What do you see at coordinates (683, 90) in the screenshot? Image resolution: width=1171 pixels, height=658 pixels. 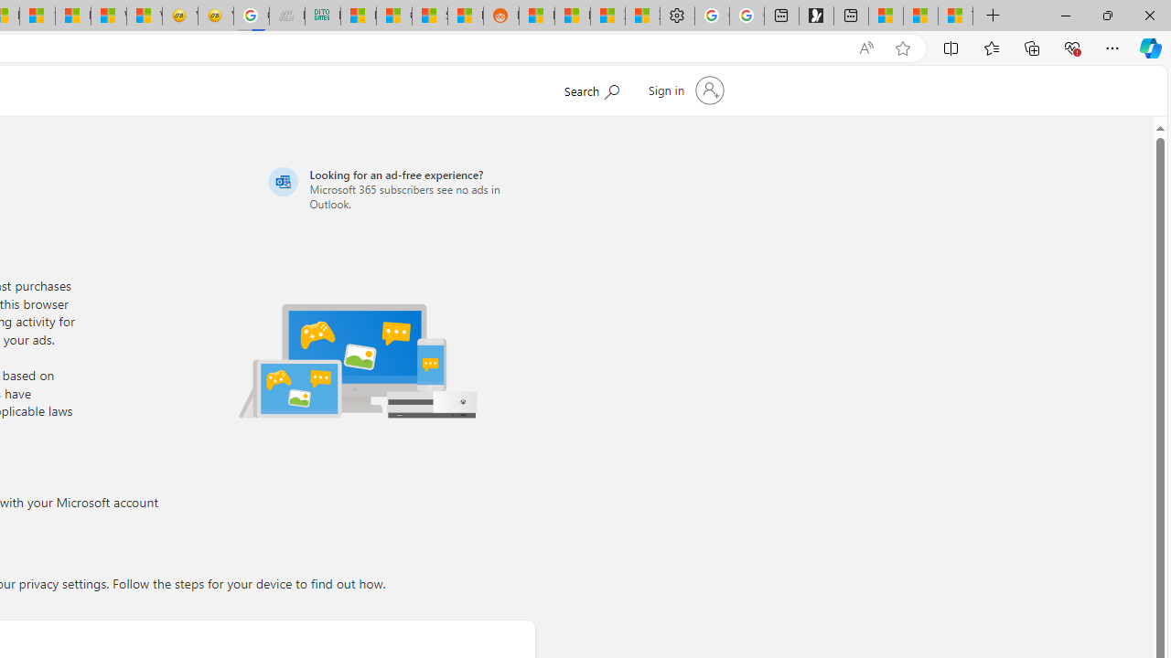 I see `'Sign in to your account'` at bounding box center [683, 90].